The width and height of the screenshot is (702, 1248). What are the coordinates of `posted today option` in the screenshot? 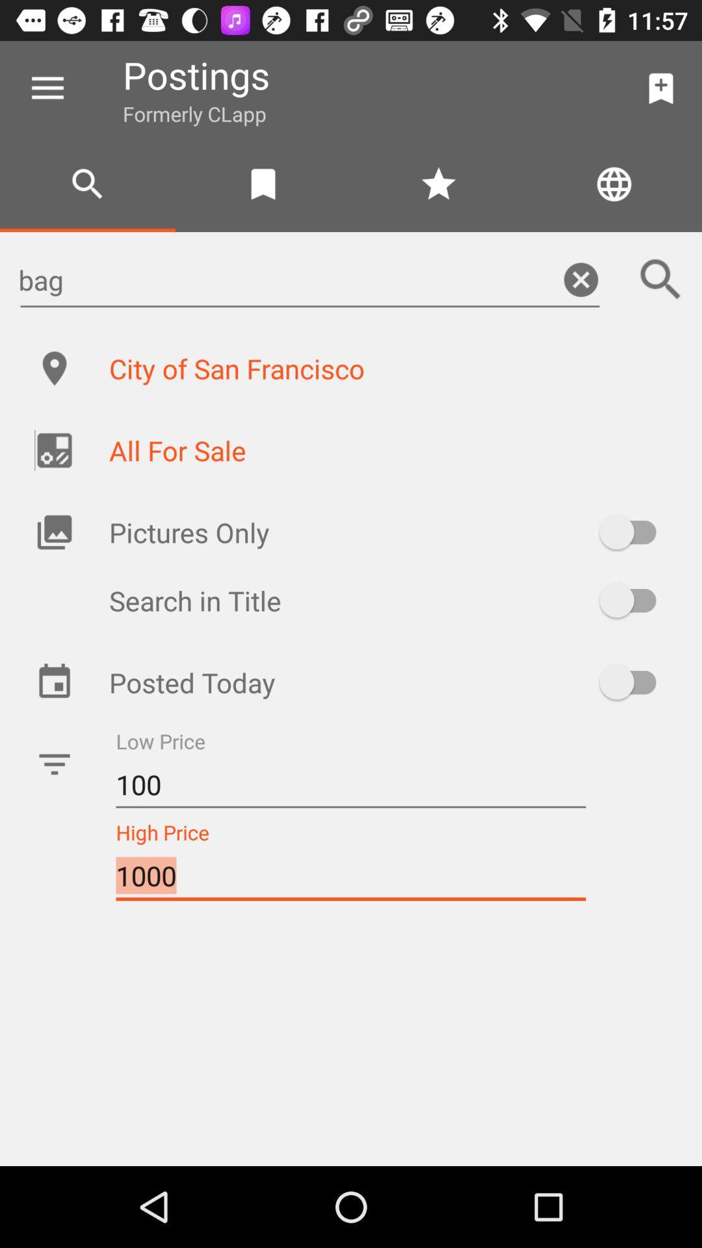 It's located at (633, 681).